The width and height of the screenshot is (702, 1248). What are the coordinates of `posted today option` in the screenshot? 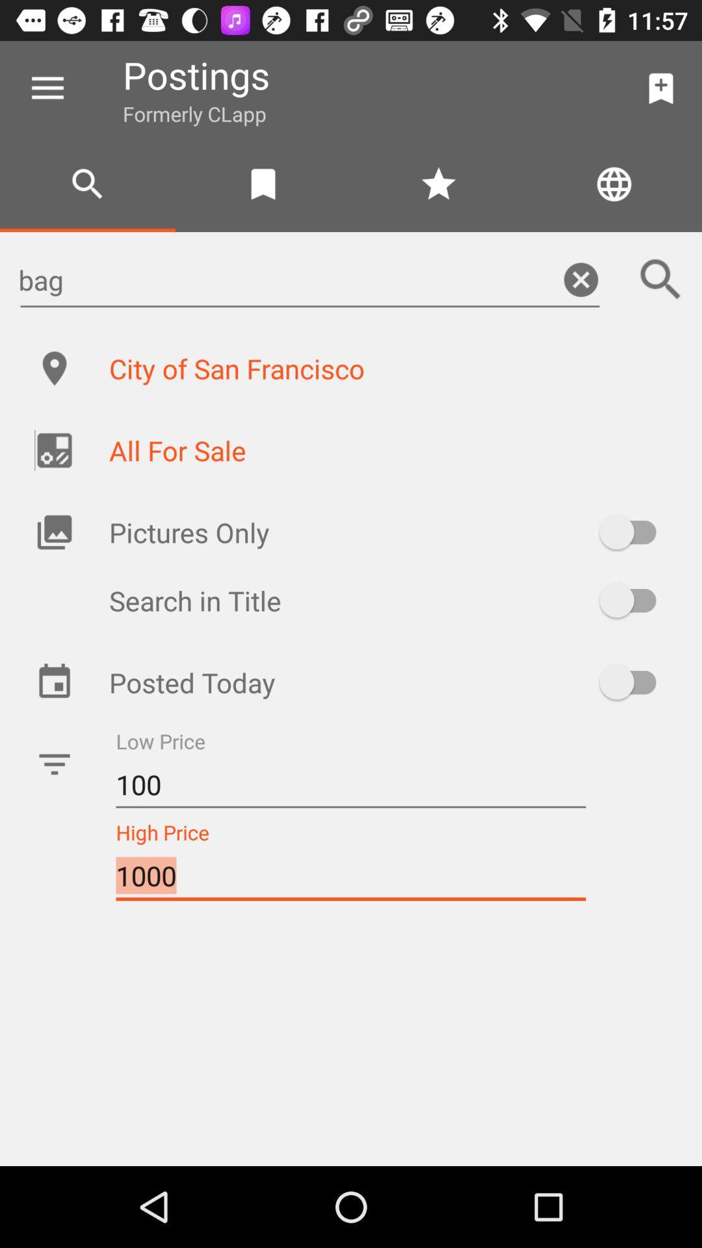 It's located at (633, 681).